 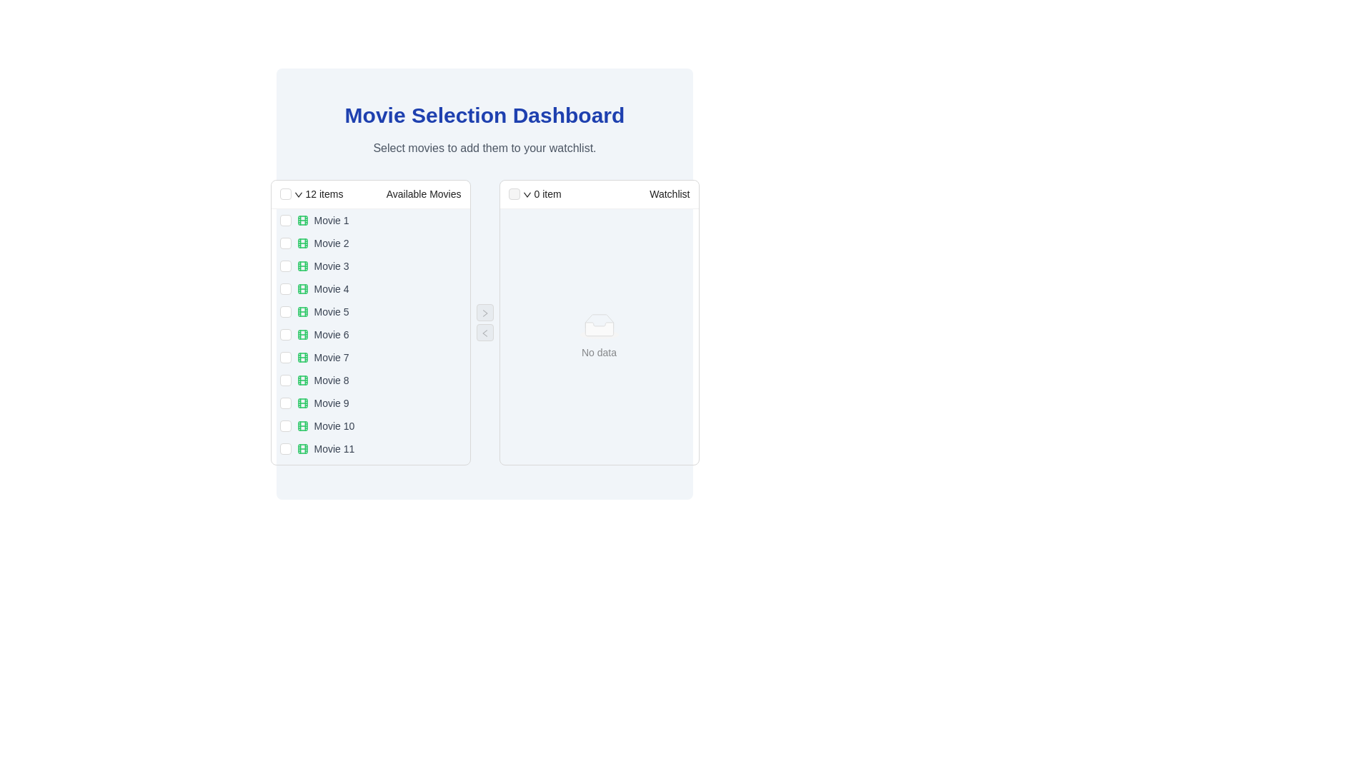 I want to click on the small green filmstrip icon located to the immediate left of the 'Movie 2' text in the 'Available Movies' list, so click(x=302, y=242).